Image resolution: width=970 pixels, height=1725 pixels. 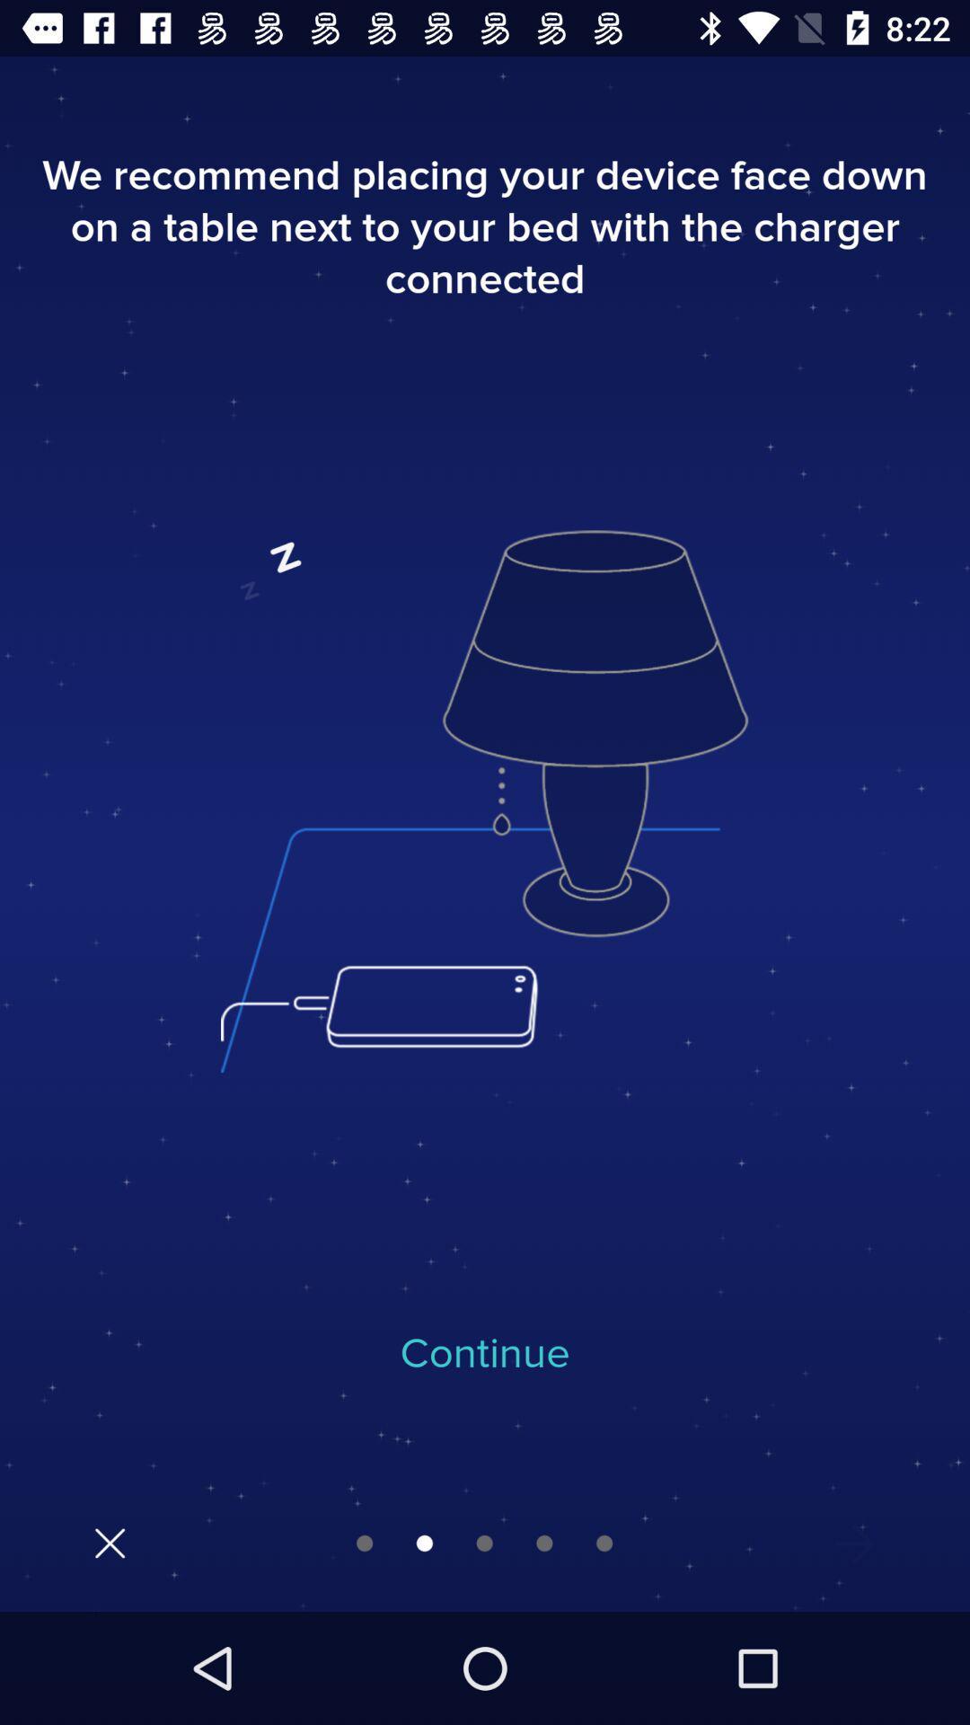 What do you see at coordinates (110, 1542) in the screenshot?
I see `the close icon` at bounding box center [110, 1542].